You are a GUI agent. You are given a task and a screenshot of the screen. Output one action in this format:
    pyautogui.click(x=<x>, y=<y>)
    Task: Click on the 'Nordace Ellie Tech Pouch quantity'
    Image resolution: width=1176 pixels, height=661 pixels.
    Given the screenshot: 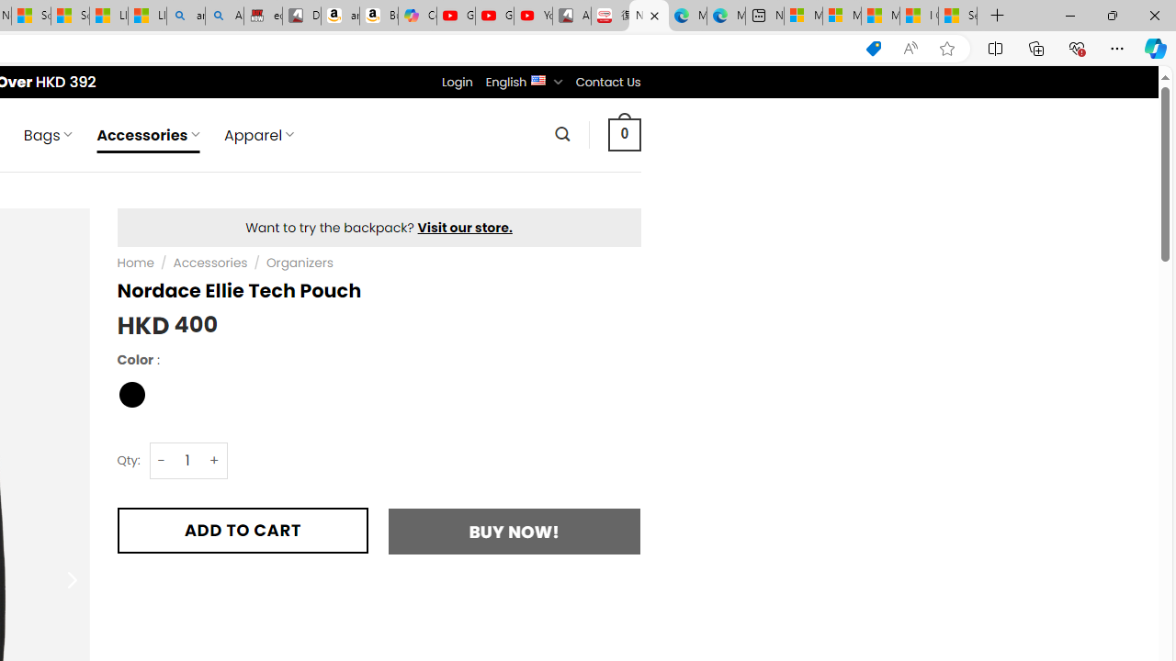 What is the action you would take?
    pyautogui.click(x=187, y=459)
    